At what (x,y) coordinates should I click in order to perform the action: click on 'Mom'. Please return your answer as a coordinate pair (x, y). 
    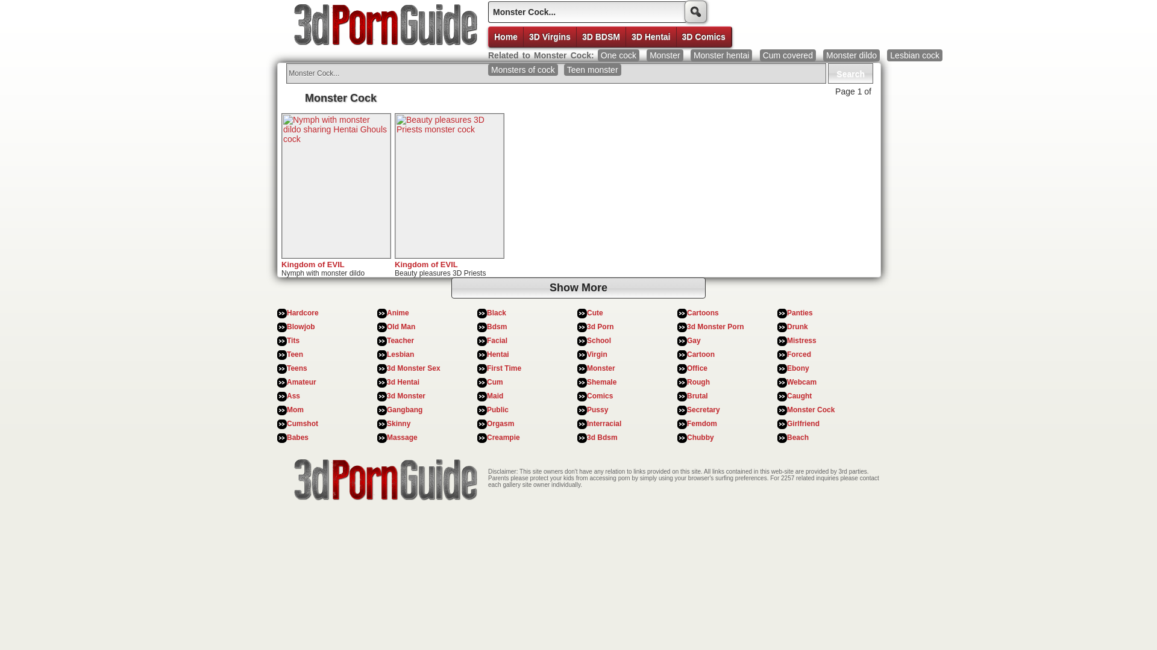
    Looking at the image, I should click on (286, 409).